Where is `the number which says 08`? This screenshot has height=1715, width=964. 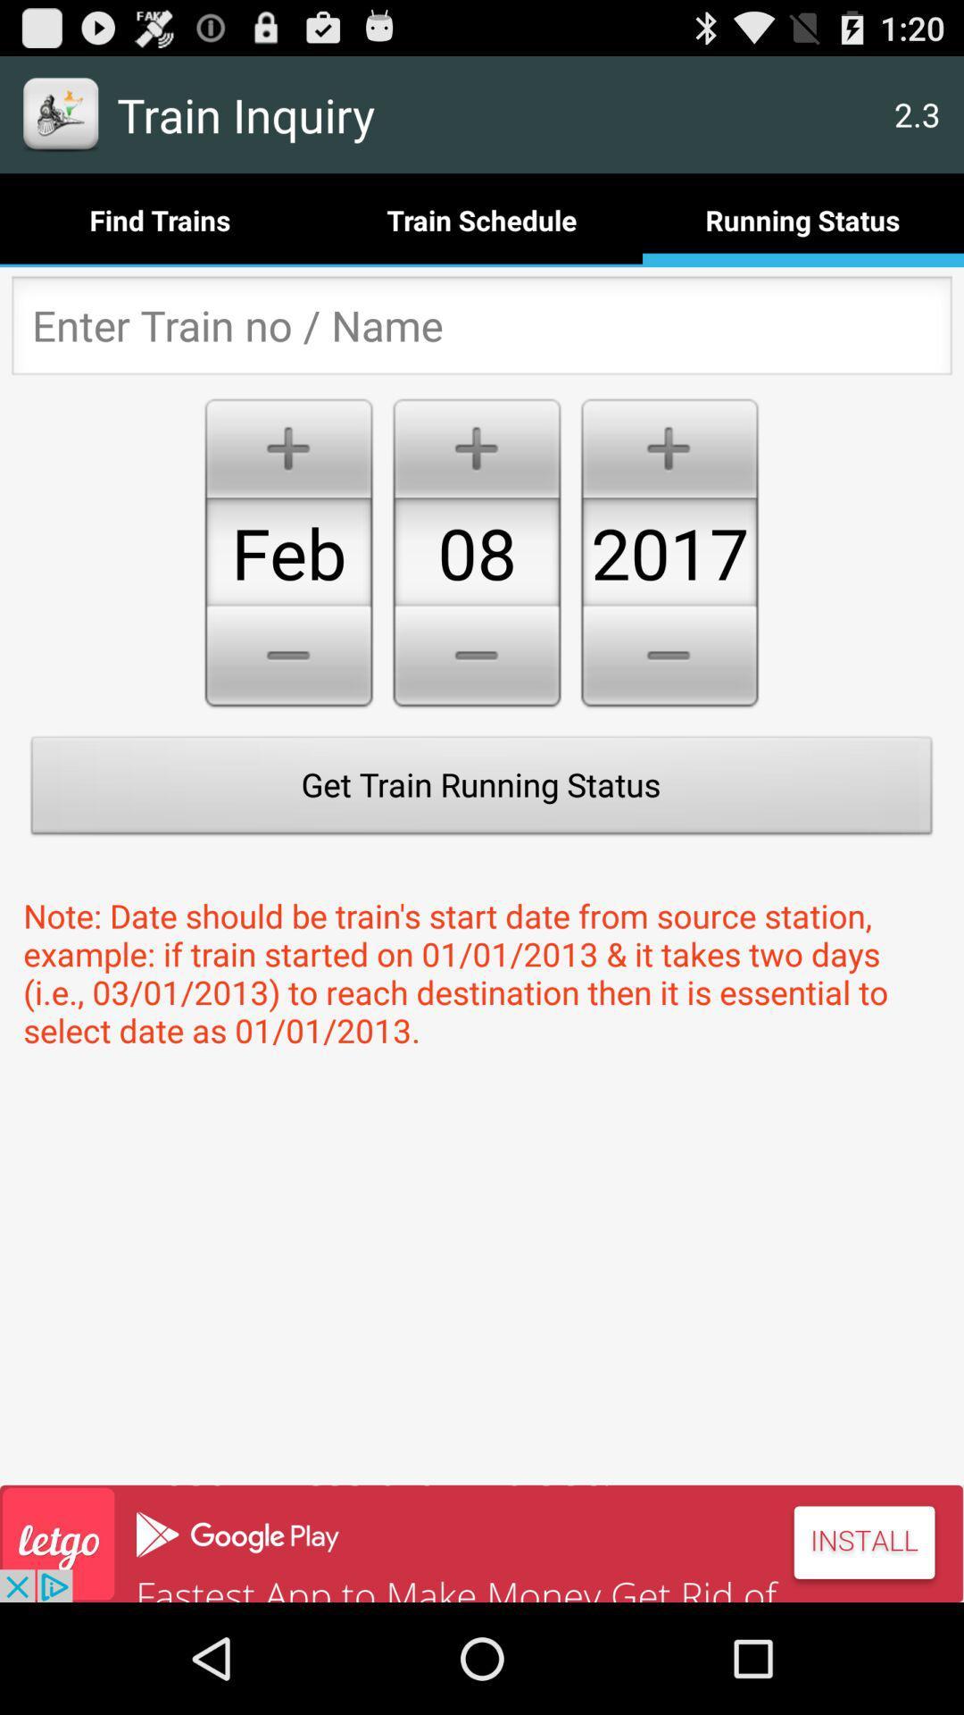
the number which says 08 is located at coordinates (476, 551).